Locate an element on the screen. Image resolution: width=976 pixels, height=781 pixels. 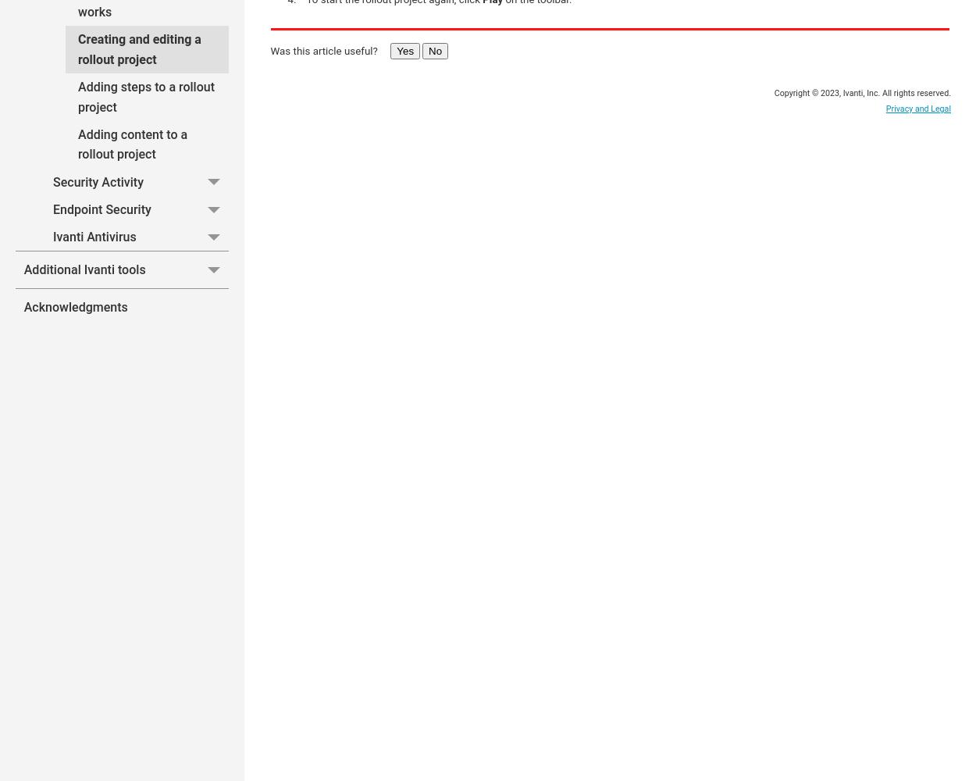
'Creating and editing a rollout project' is located at coordinates (139, 48).